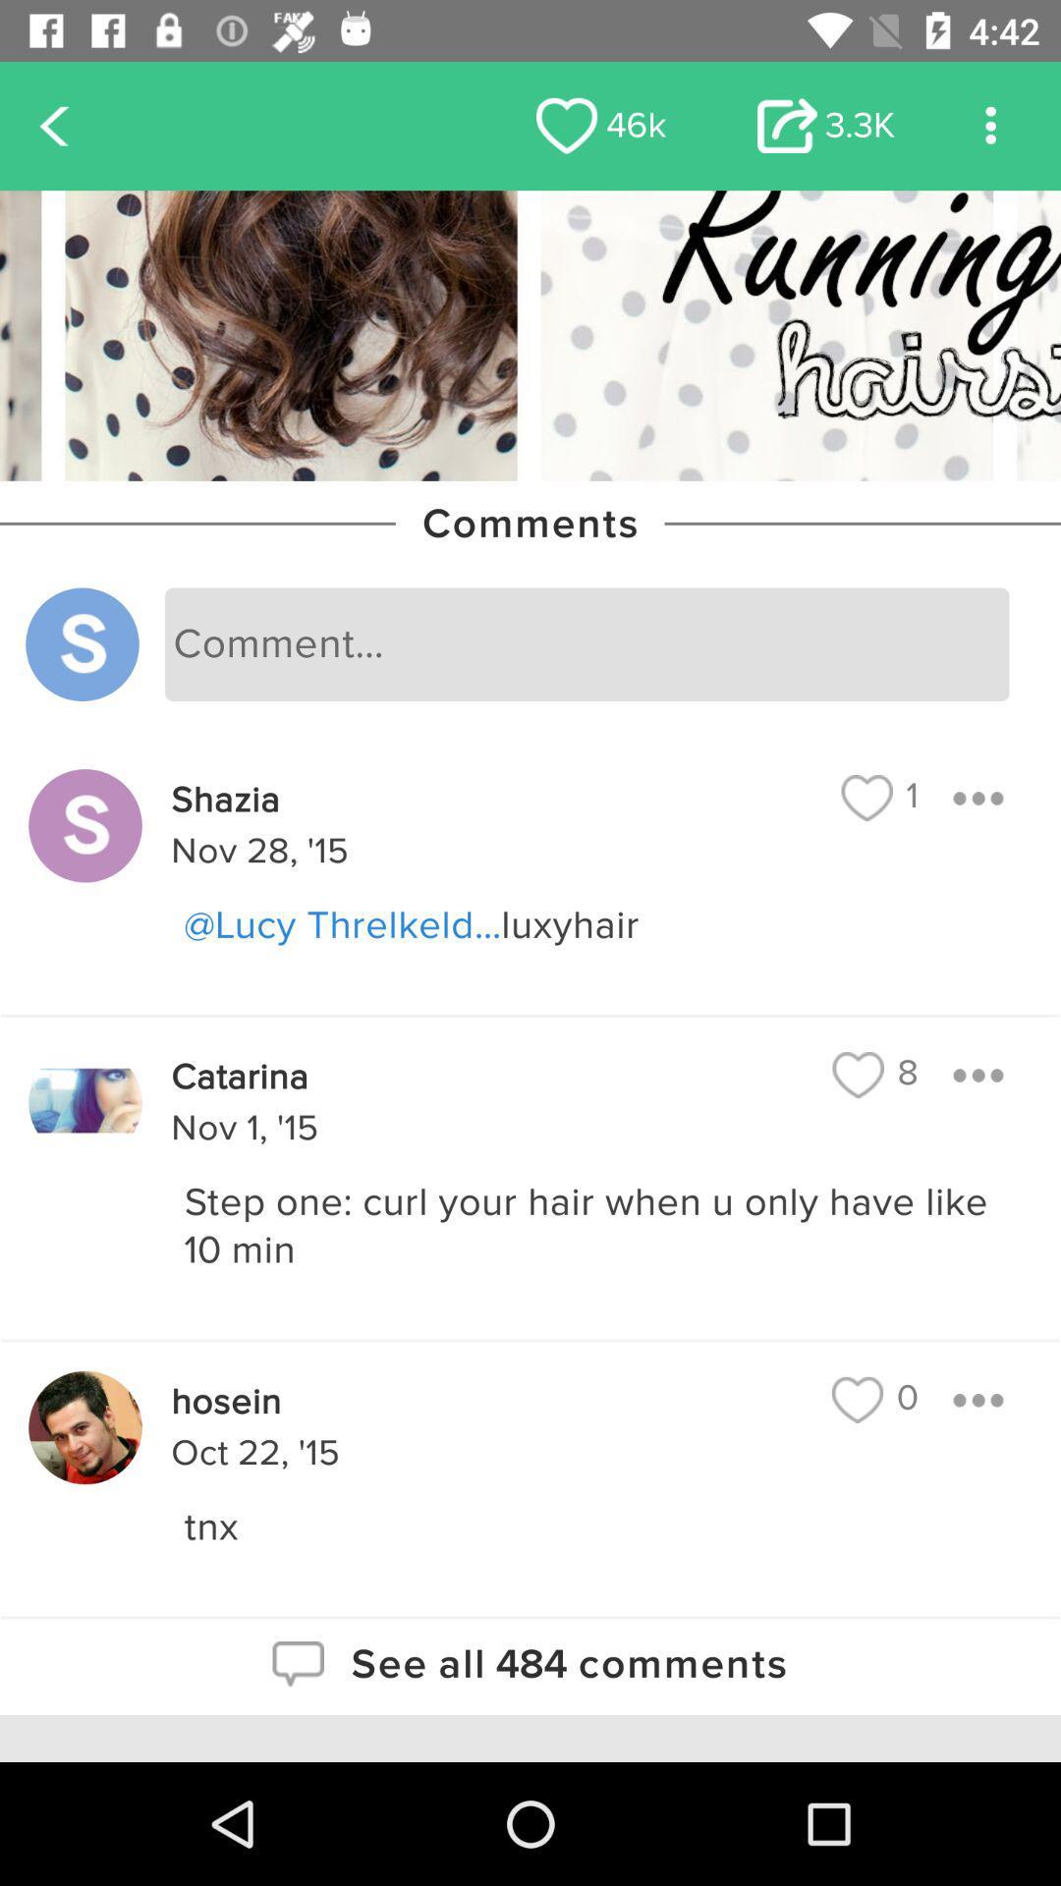  What do you see at coordinates (990, 125) in the screenshot?
I see `settings` at bounding box center [990, 125].